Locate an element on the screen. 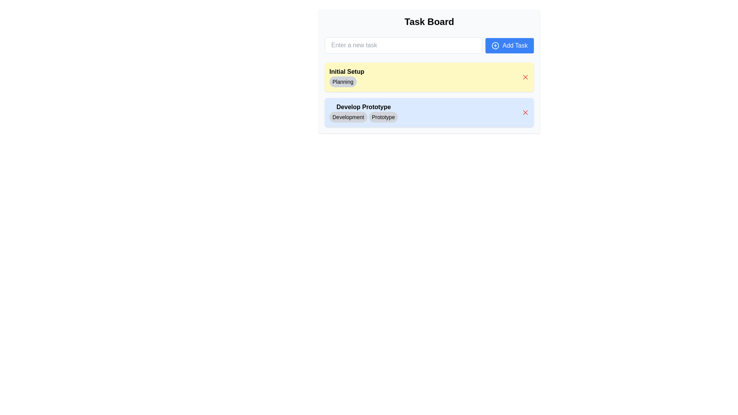 The height and width of the screenshot is (415, 738). the red close button represented by a red 'X' icon located at the top-right corner of the yellow task card labeled 'Initial Setup - Planning' is located at coordinates (525, 77).